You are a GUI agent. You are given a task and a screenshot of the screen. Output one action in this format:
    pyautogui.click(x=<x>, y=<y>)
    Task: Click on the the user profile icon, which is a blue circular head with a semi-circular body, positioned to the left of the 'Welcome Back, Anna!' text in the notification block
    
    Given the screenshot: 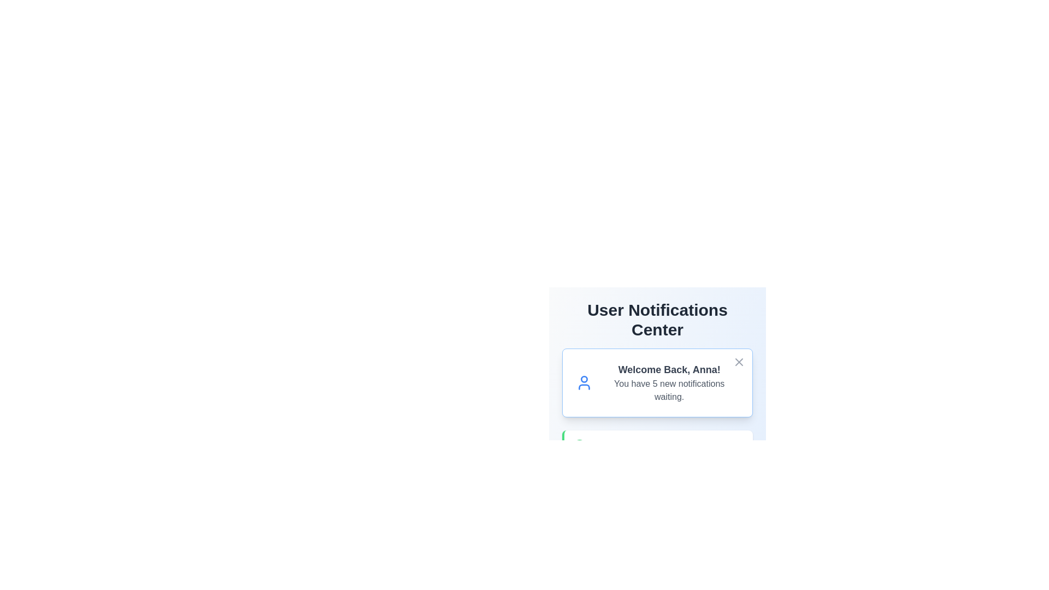 What is the action you would take?
    pyautogui.click(x=584, y=382)
    